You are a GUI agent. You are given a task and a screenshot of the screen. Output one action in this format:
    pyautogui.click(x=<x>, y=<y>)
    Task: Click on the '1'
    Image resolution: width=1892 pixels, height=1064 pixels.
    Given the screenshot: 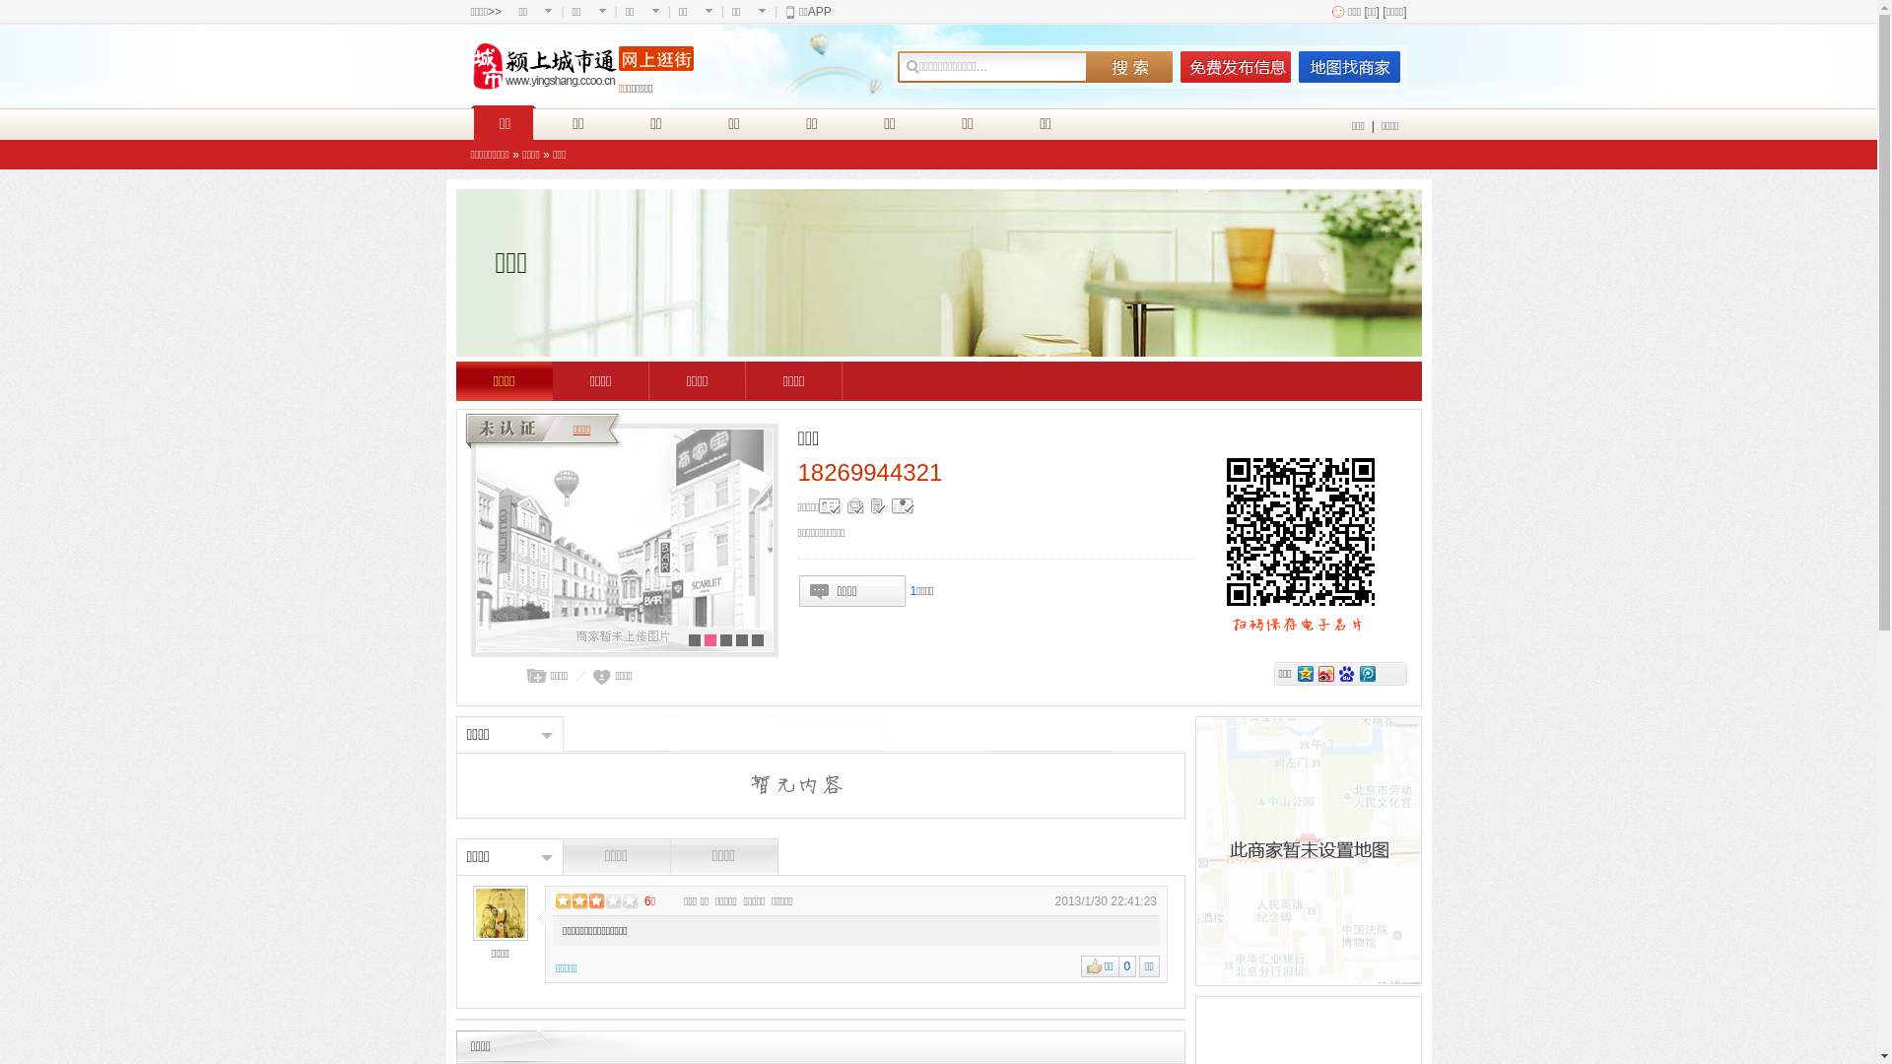 What is the action you would take?
    pyautogui.click(x=912, y=590)
    